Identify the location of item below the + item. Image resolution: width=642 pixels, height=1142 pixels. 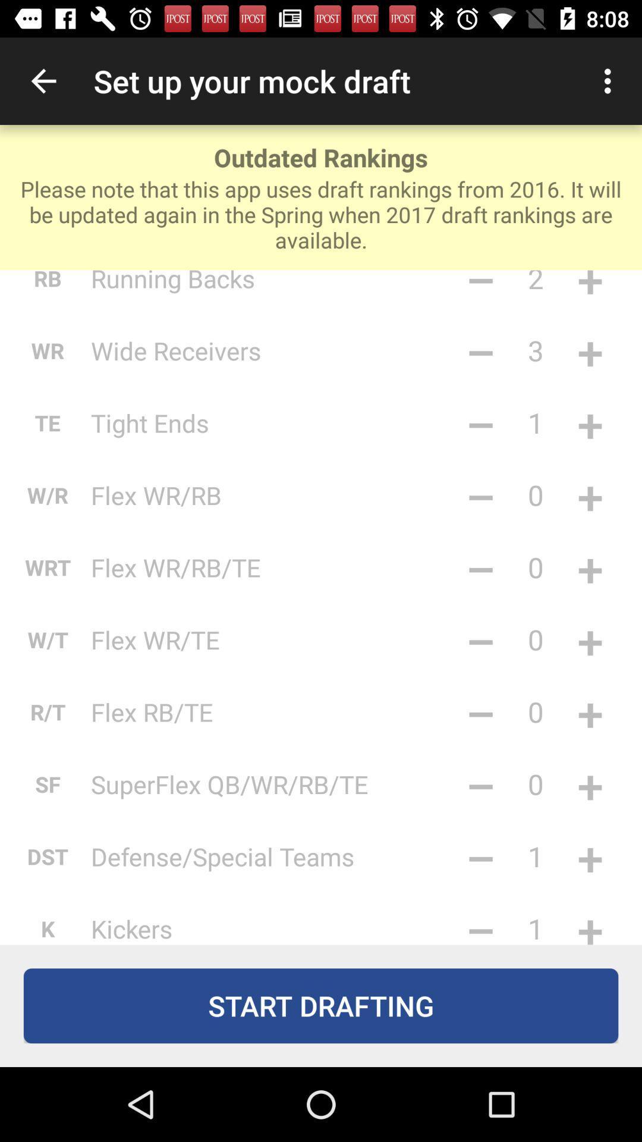
(590, 639).